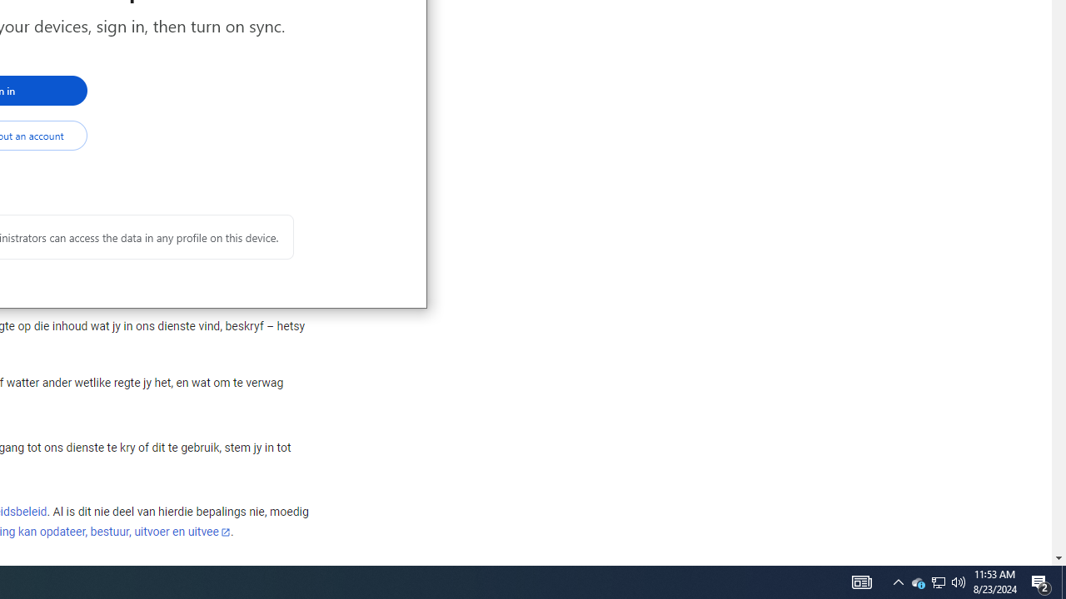 This screenshot has width=1066, height=599. I want to click on 'Notification Chevron', so click(898, 581).